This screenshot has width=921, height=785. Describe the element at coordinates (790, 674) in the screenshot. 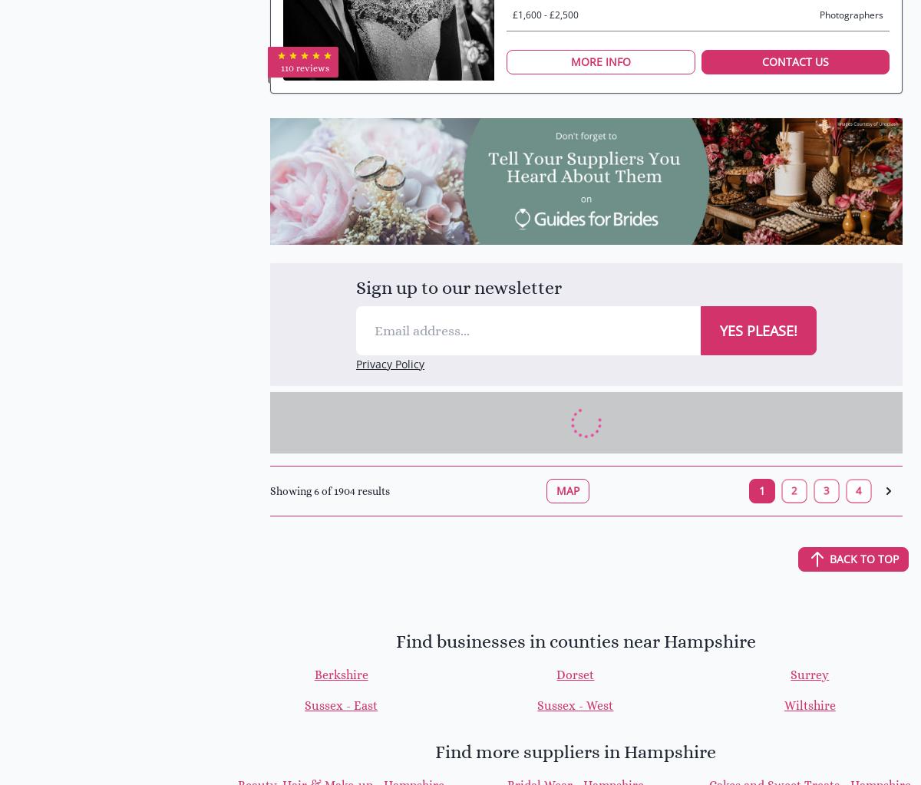

I see `'Surrey'` at that location.